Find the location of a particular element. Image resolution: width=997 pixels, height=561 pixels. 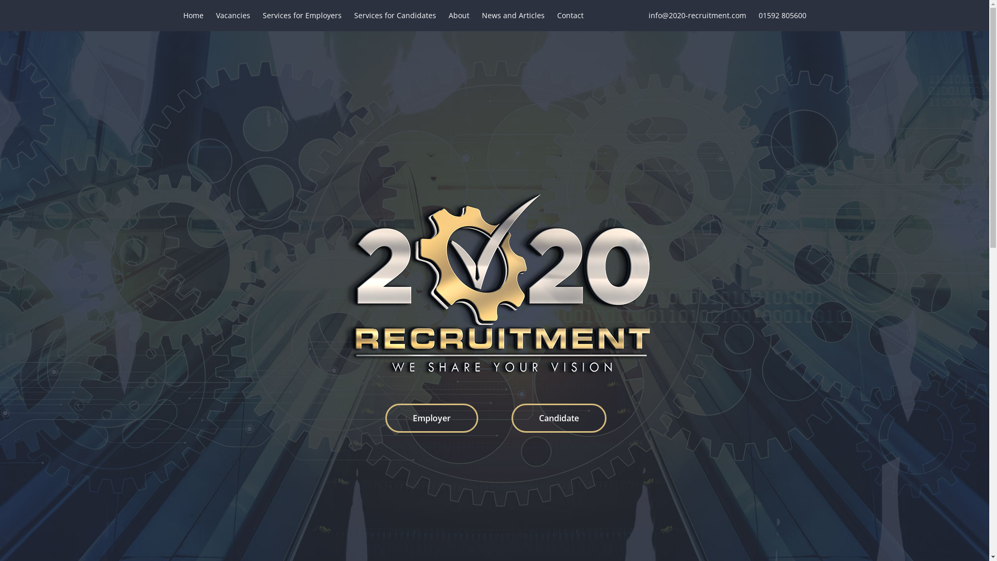

'Candidate' is located at coordinates (538, 418).